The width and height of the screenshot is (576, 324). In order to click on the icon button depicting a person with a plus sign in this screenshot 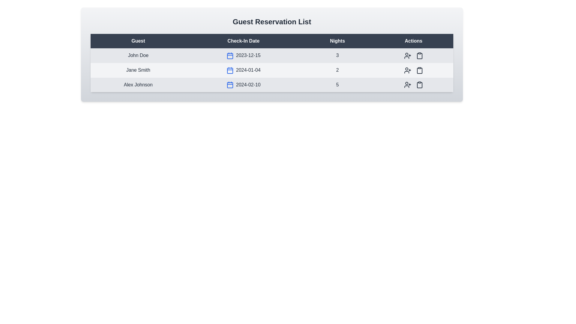, I will do `click(407, 55)`.